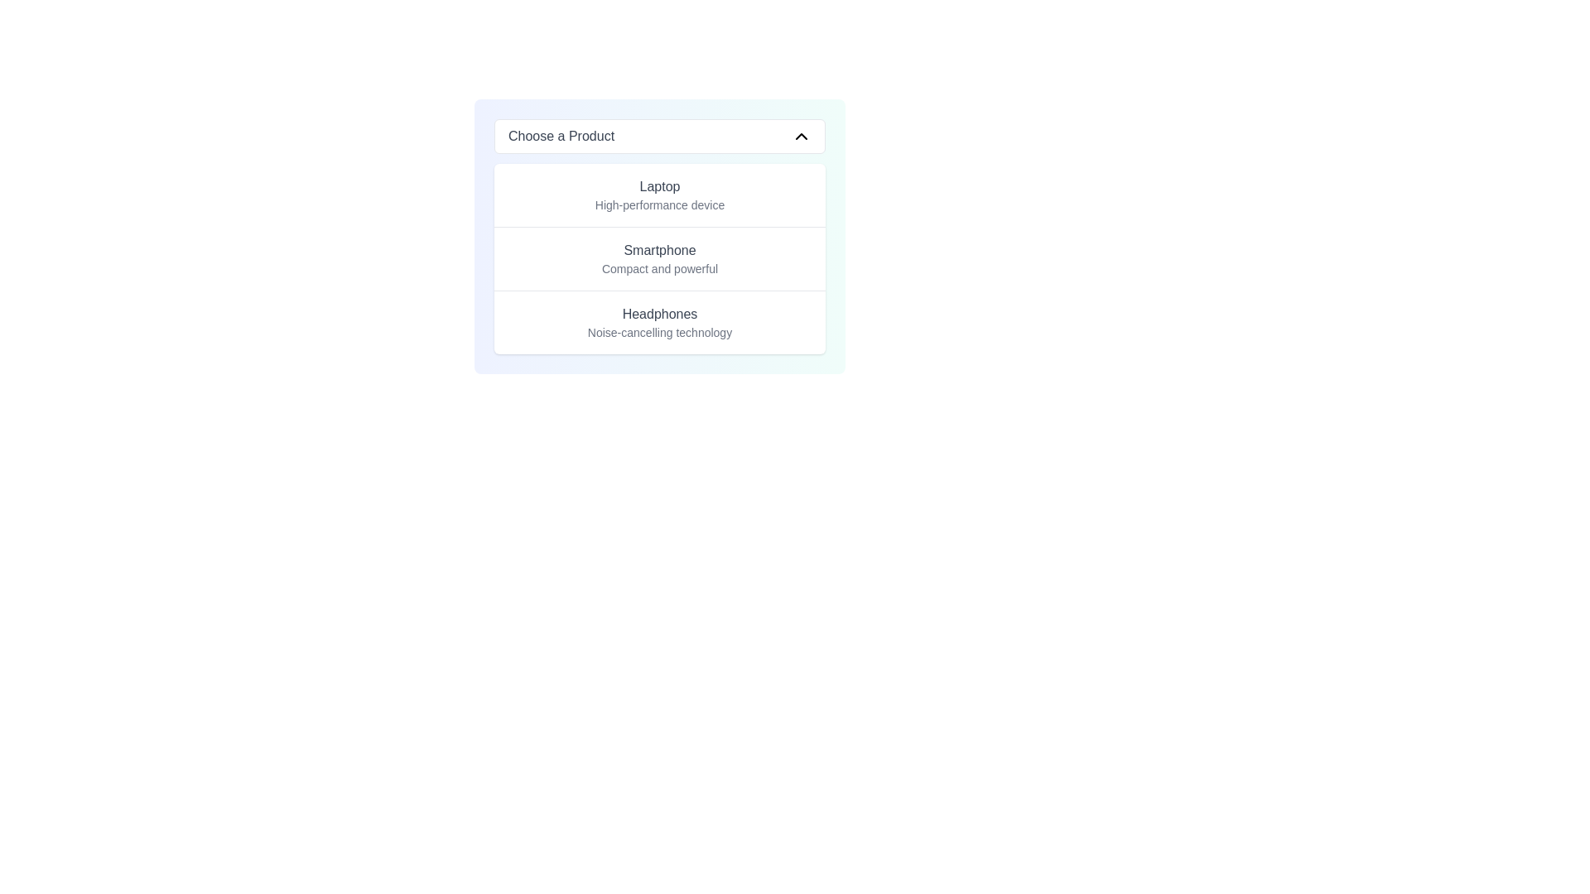 This screenshot has height=894, width=1590. What do you see at coordinates (658, 322) in the screenshot?
I see `the 'Headphones' option in the 'Choose a Product' dropdown menu` at bounding box center [658, 322].